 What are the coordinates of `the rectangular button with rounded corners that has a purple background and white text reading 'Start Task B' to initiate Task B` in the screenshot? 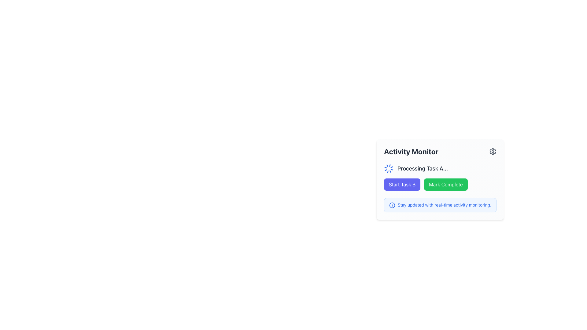 It's located at (402, 184).